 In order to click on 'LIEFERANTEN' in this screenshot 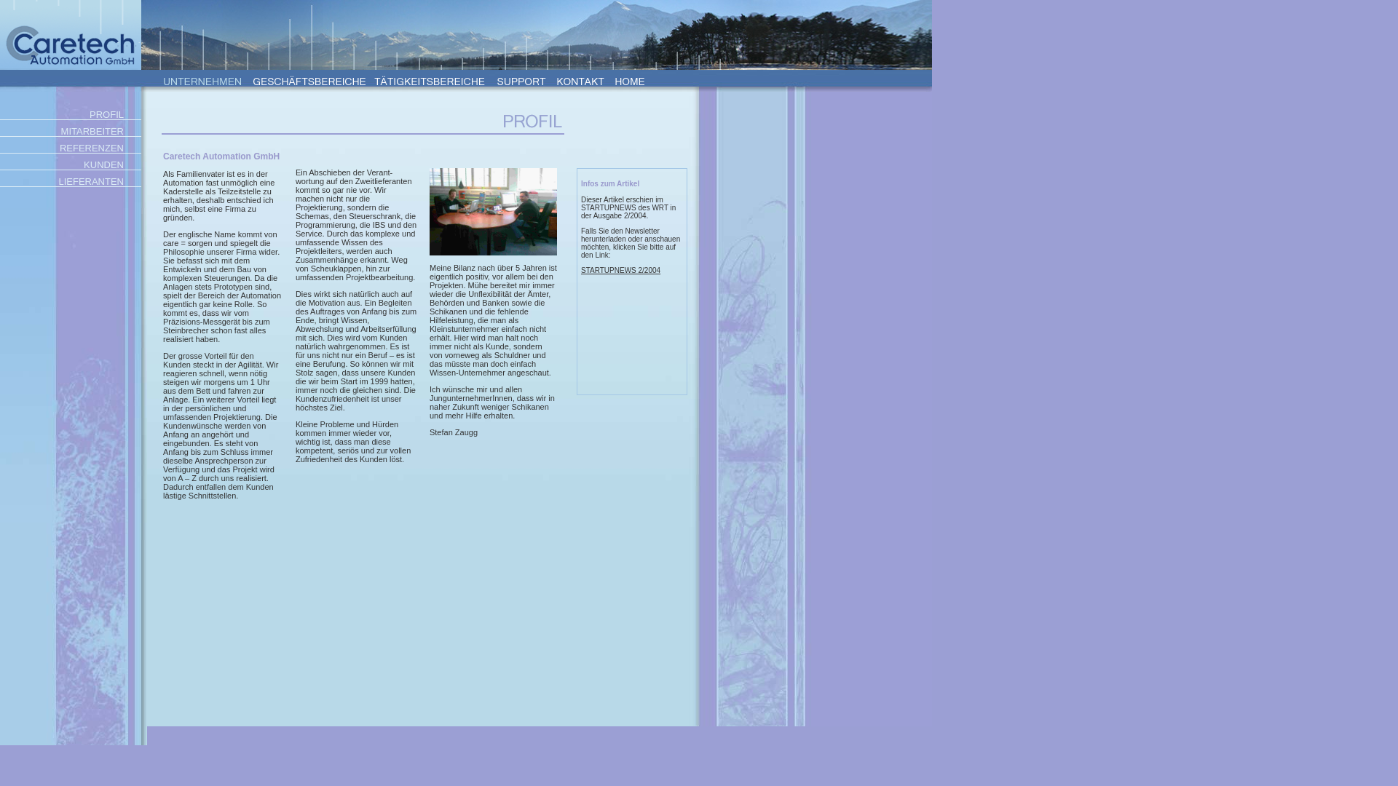, I will do `click(69, 180)`.